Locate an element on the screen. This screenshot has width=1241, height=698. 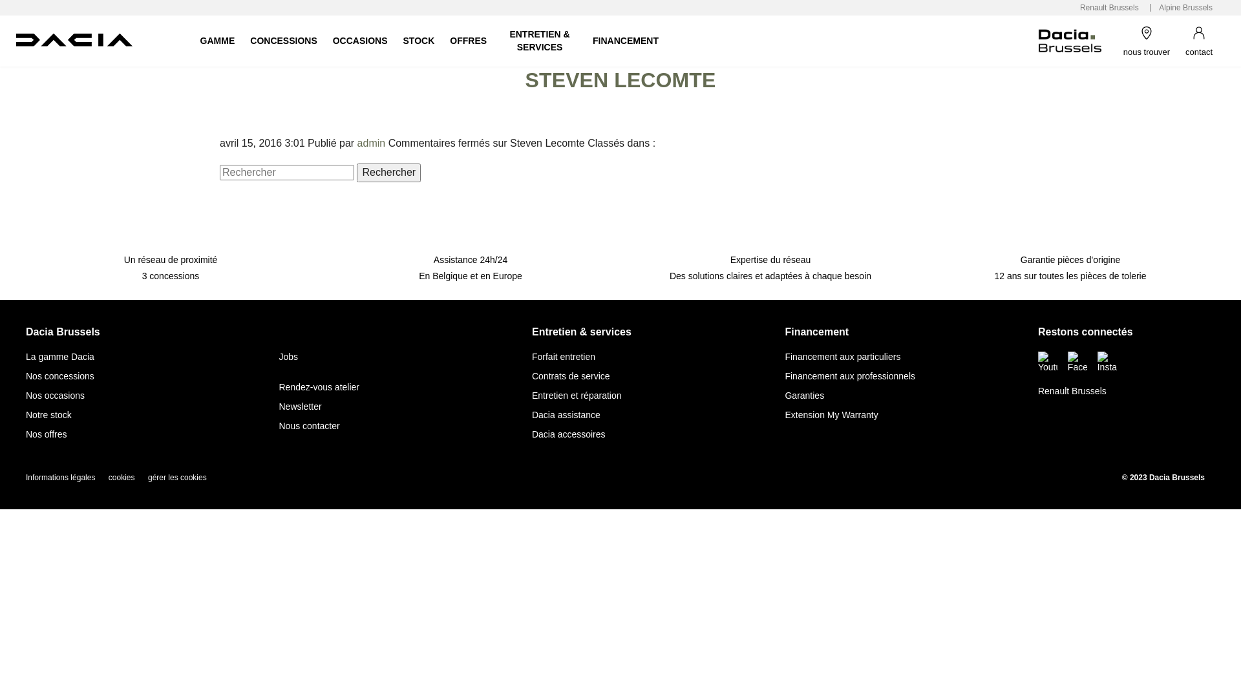
'Rechercher' is located at coordinates (388, 171).